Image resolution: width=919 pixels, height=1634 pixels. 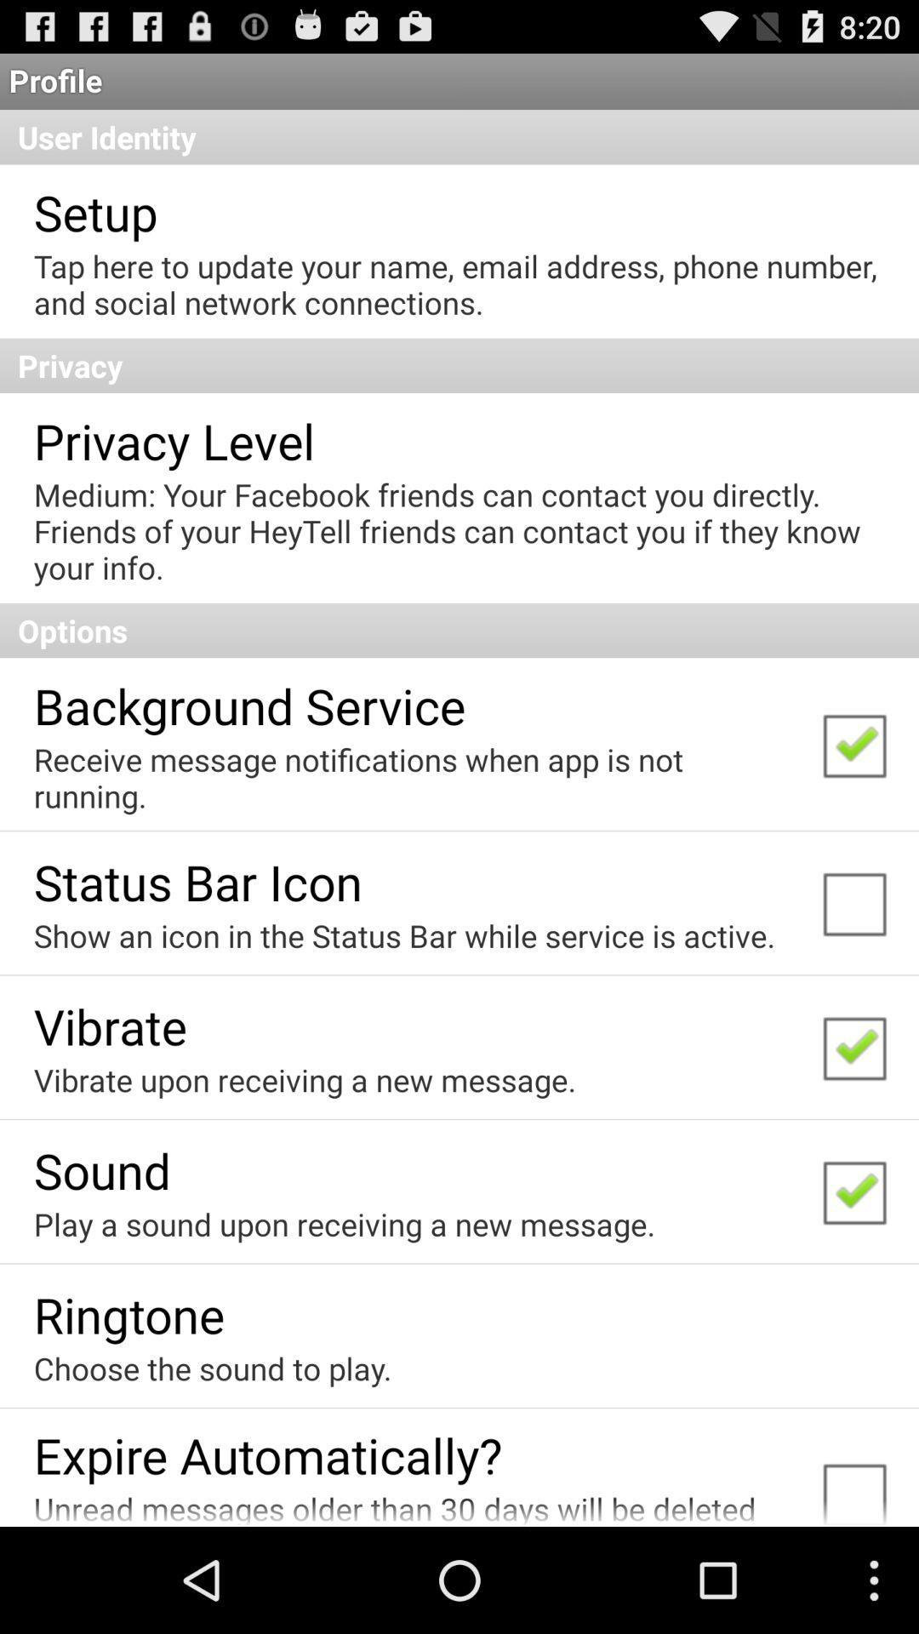 I want to click on expire automatically? app, so click(x=268, y=1454).